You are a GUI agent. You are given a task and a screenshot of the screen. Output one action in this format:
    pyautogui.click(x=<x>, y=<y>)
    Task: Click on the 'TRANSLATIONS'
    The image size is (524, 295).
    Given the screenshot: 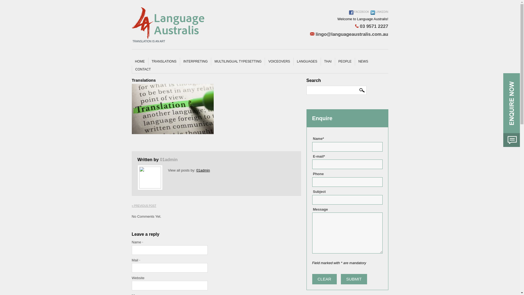 What is the action you would take?
    pyautogui.click(x=163, y=61)
    